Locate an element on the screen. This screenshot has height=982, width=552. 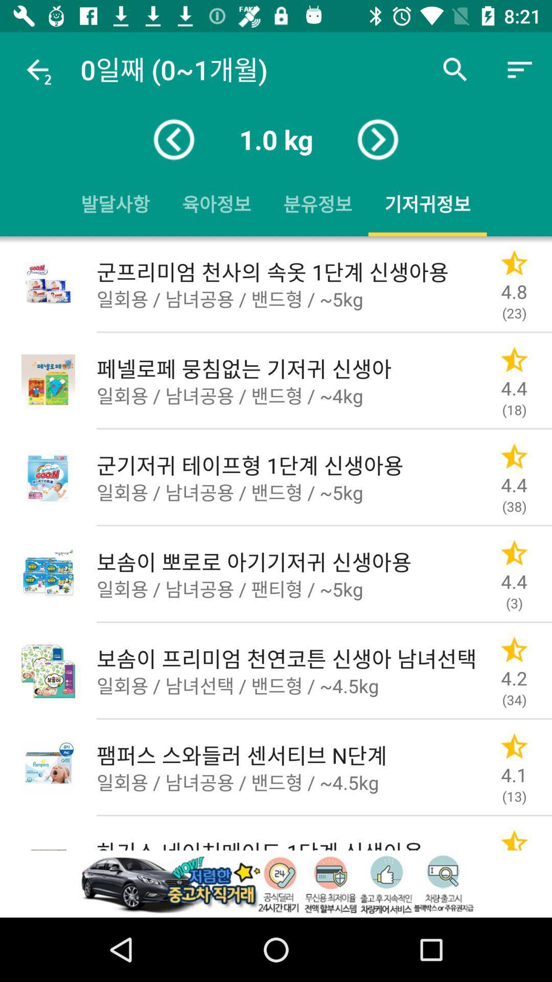
the arrow_backward icon is located at coordinates (173, 139).